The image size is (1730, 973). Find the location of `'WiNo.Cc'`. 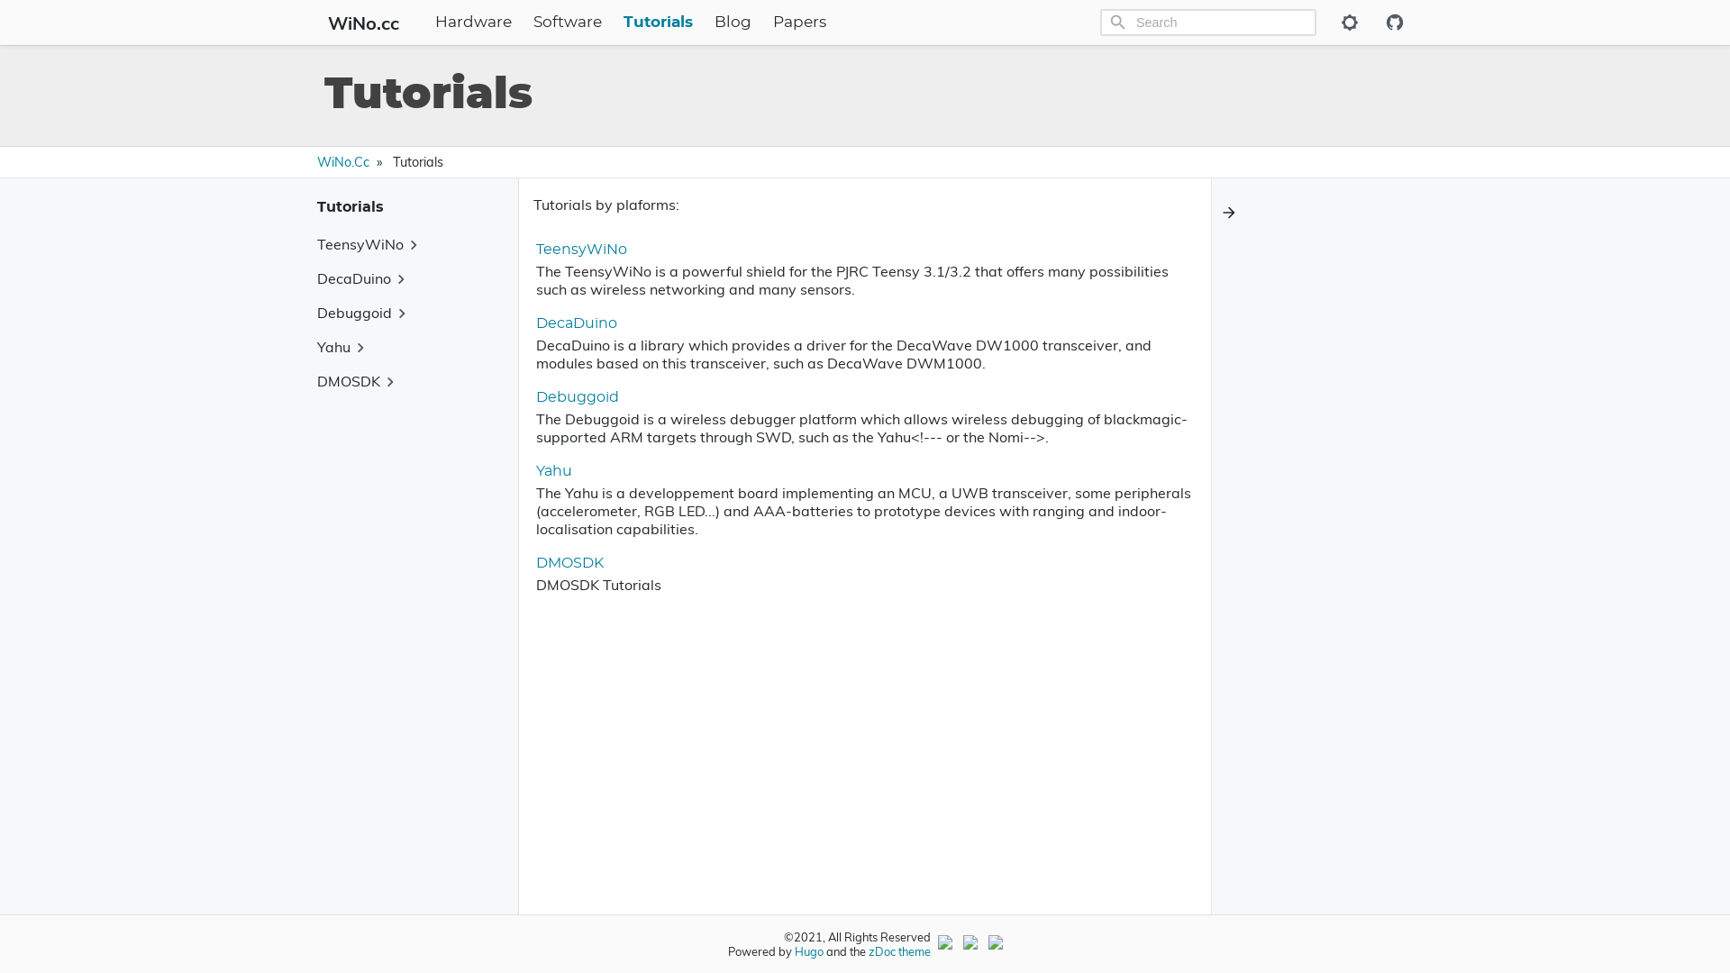

'WiNo.Cc' is located at coordinates (342, 162).